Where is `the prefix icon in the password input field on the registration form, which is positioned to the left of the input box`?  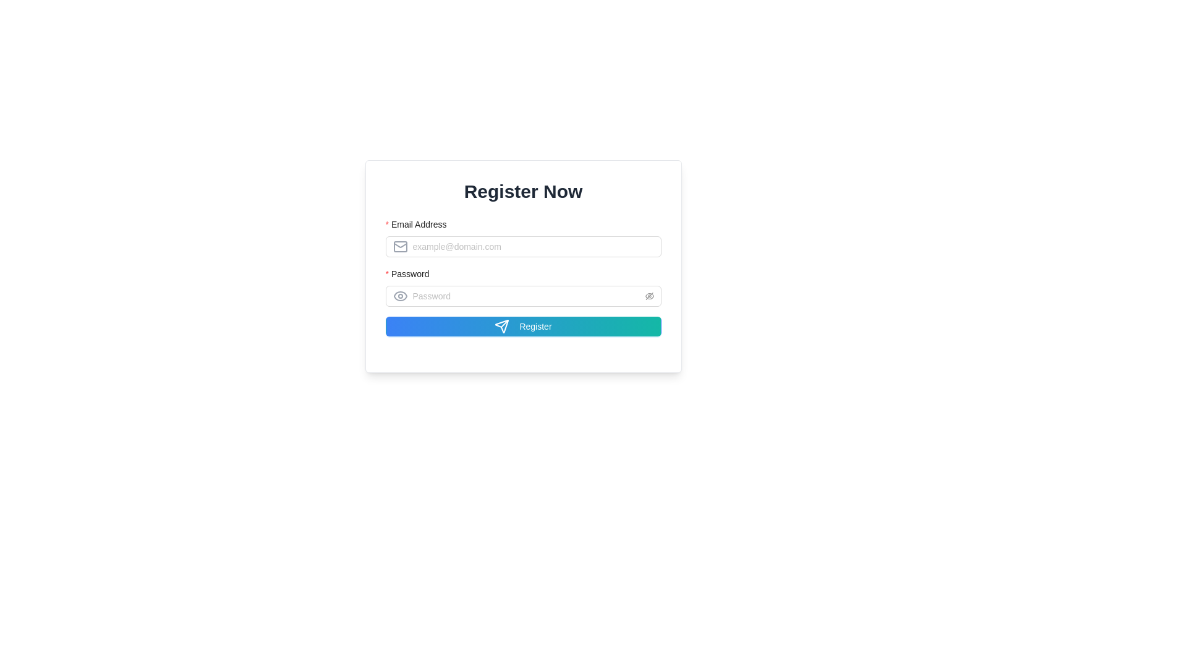
the prefix icon in the password input field on the registration form, which is positioned to the left of the input box is located at coordinates (401, 296).